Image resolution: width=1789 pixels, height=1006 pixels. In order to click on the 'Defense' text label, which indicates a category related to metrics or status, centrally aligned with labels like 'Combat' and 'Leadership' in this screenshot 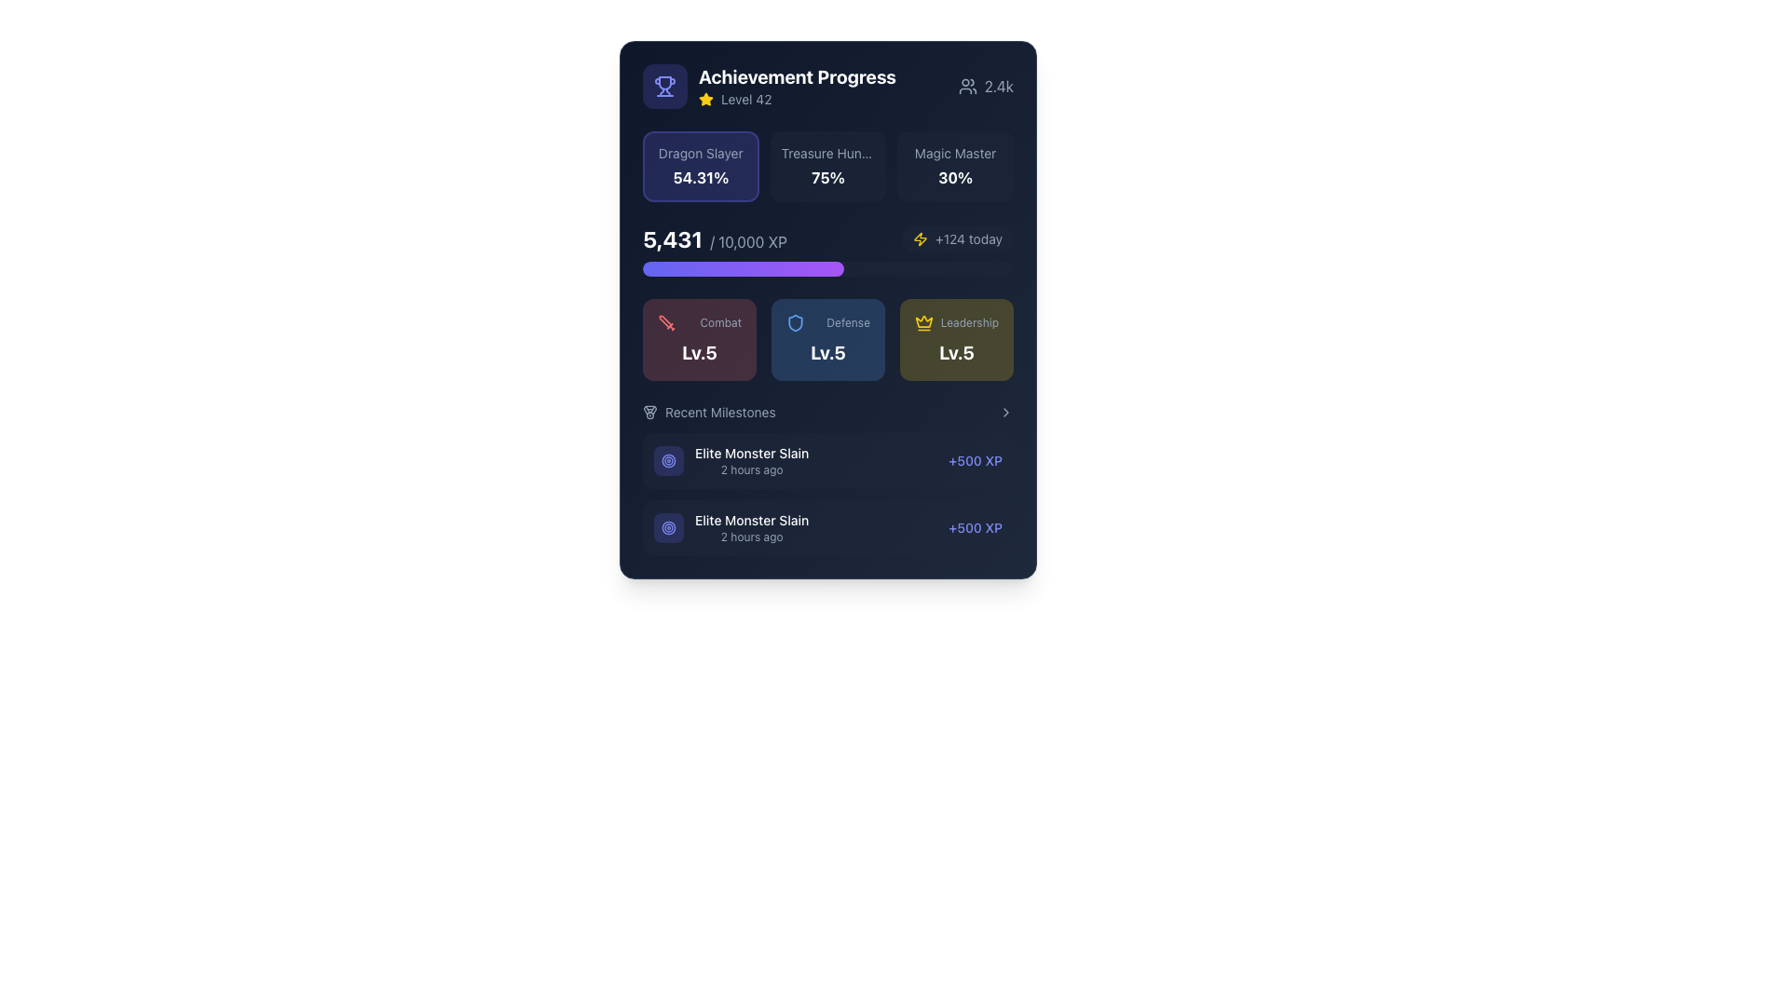, I will do `click(847, 322)`.